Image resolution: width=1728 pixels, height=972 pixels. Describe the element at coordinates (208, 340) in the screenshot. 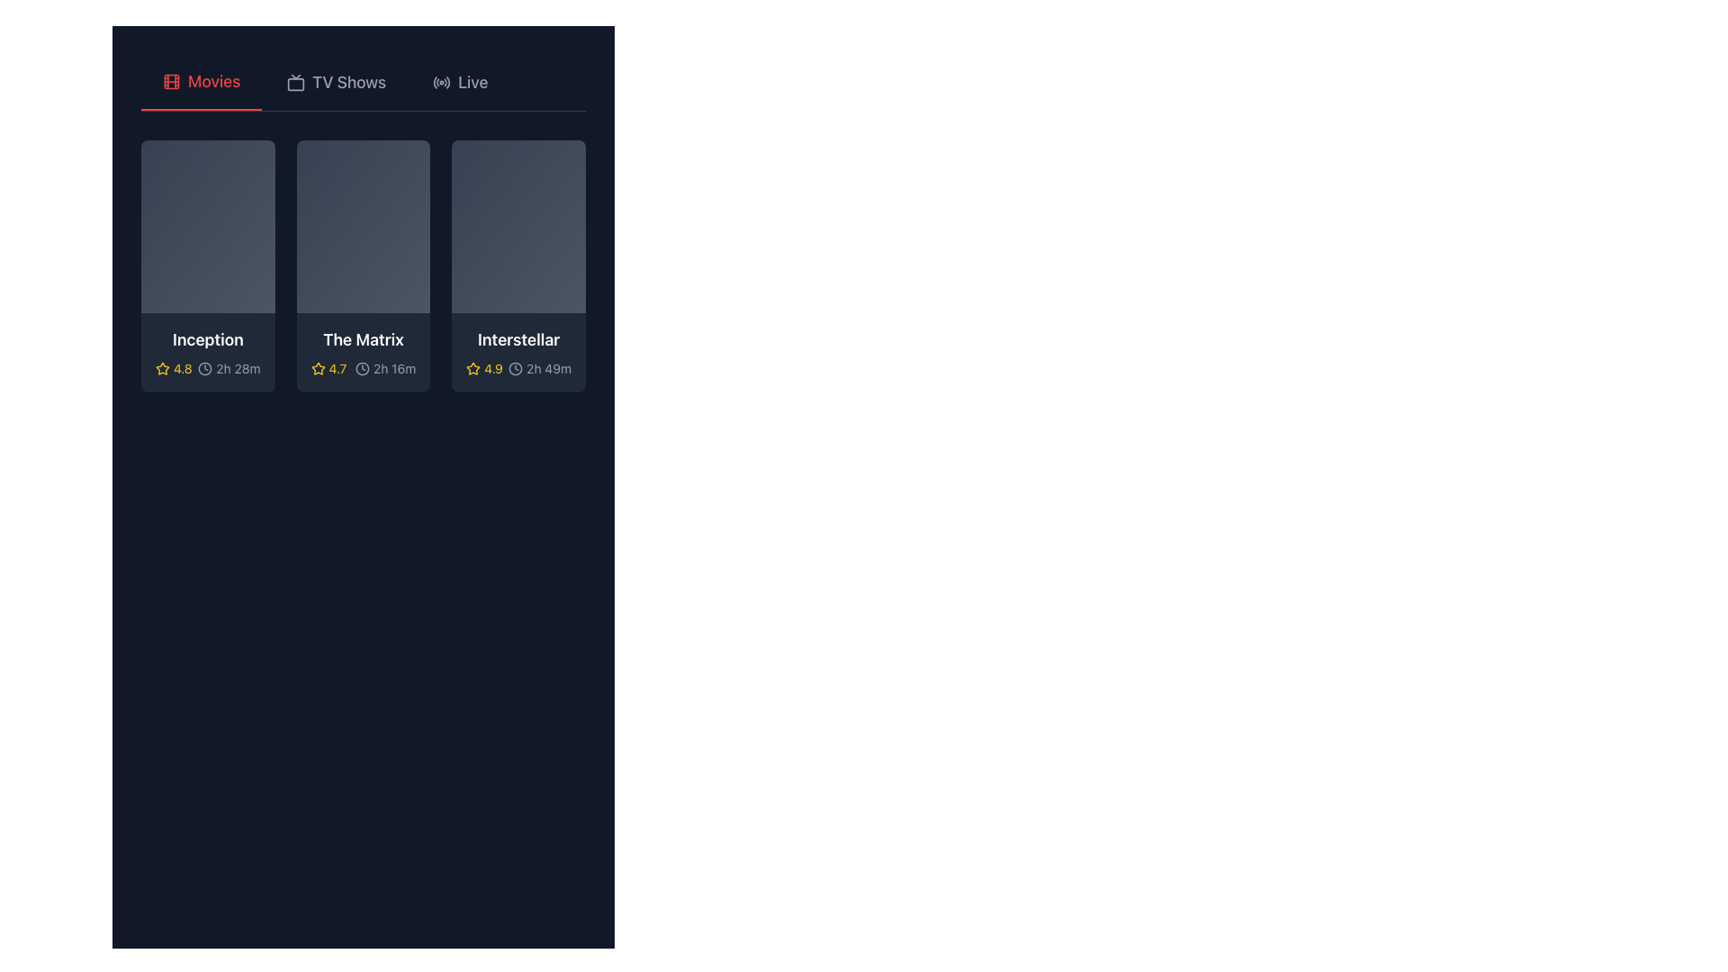

I see `the title label for the movie card that identifies the movie 'Inception'` at that location.